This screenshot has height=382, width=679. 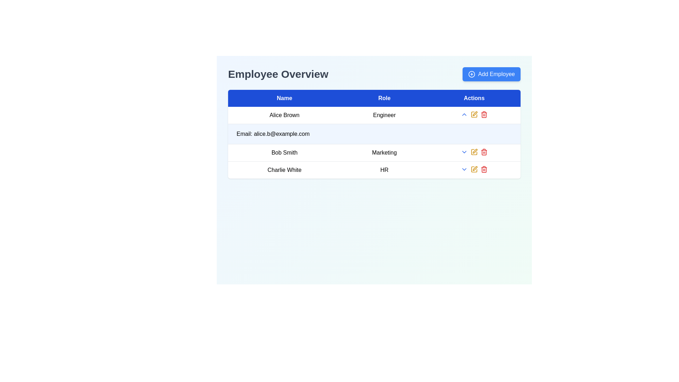 What do you see at coordinates (483, 114) in the screenshot?
I see `the delete button in the 'Actions' column` at bounding box center [483, 114].